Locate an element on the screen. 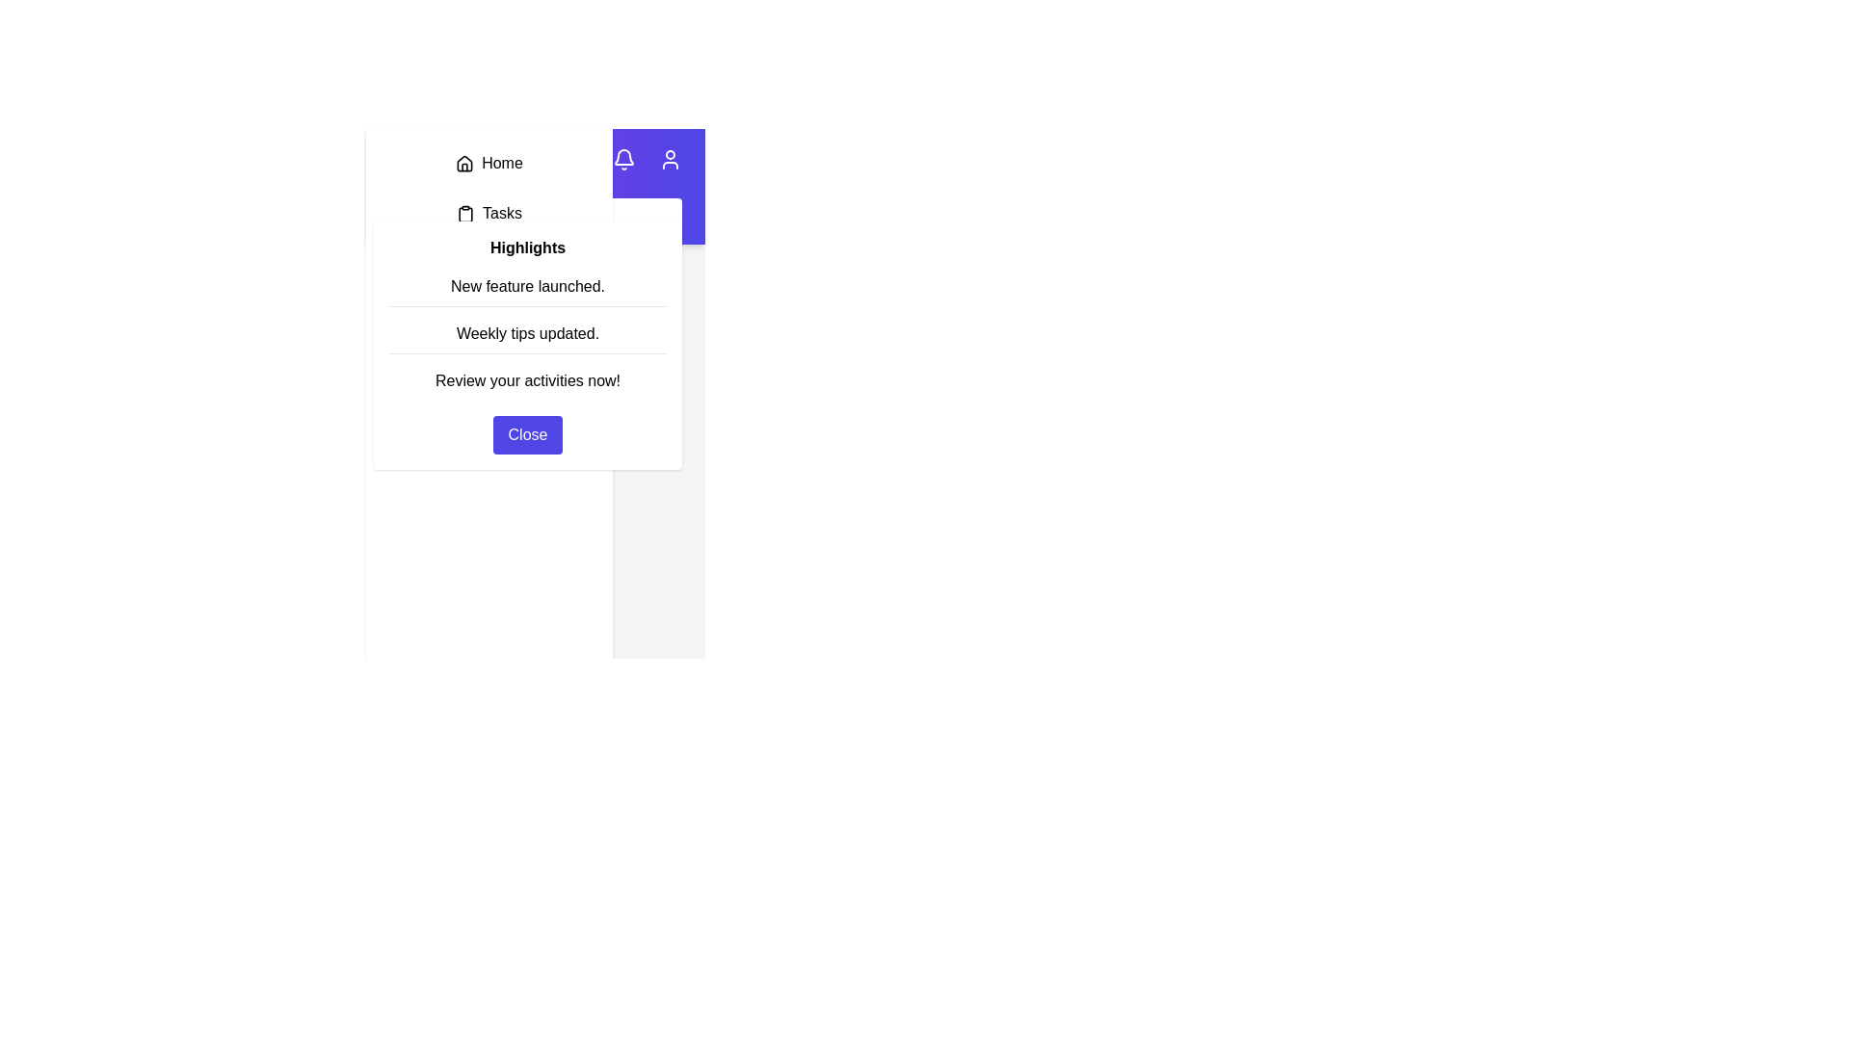 This screenshot has height=1040, width=1850. the visual indicator icon symbolizing 'Tasks', which is positioned to the left of the 'Tasks' text is located at coordinates (465, 214).